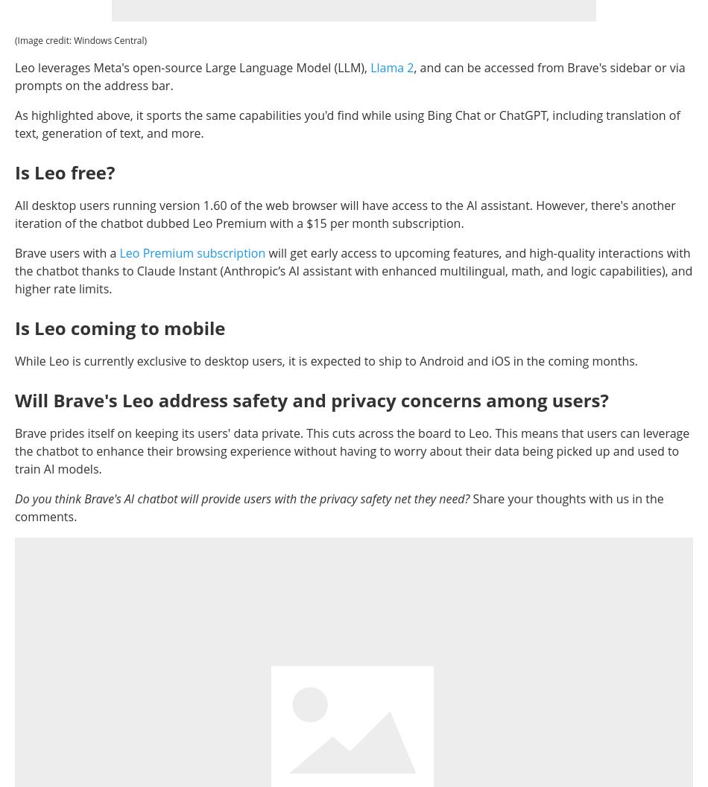 The width and height of the screenshot is (708, 787). What do you see at coordinates (351, 450) in the screenshot?
I see `'Brave prides itself on keeping its users' data private. This cuts across the board to Leo. This means that users can leverage the chatbot to enhance their browsing experience without having to worry about their data being picked up and used to train AI models.'` at bounding box center [351, 450].